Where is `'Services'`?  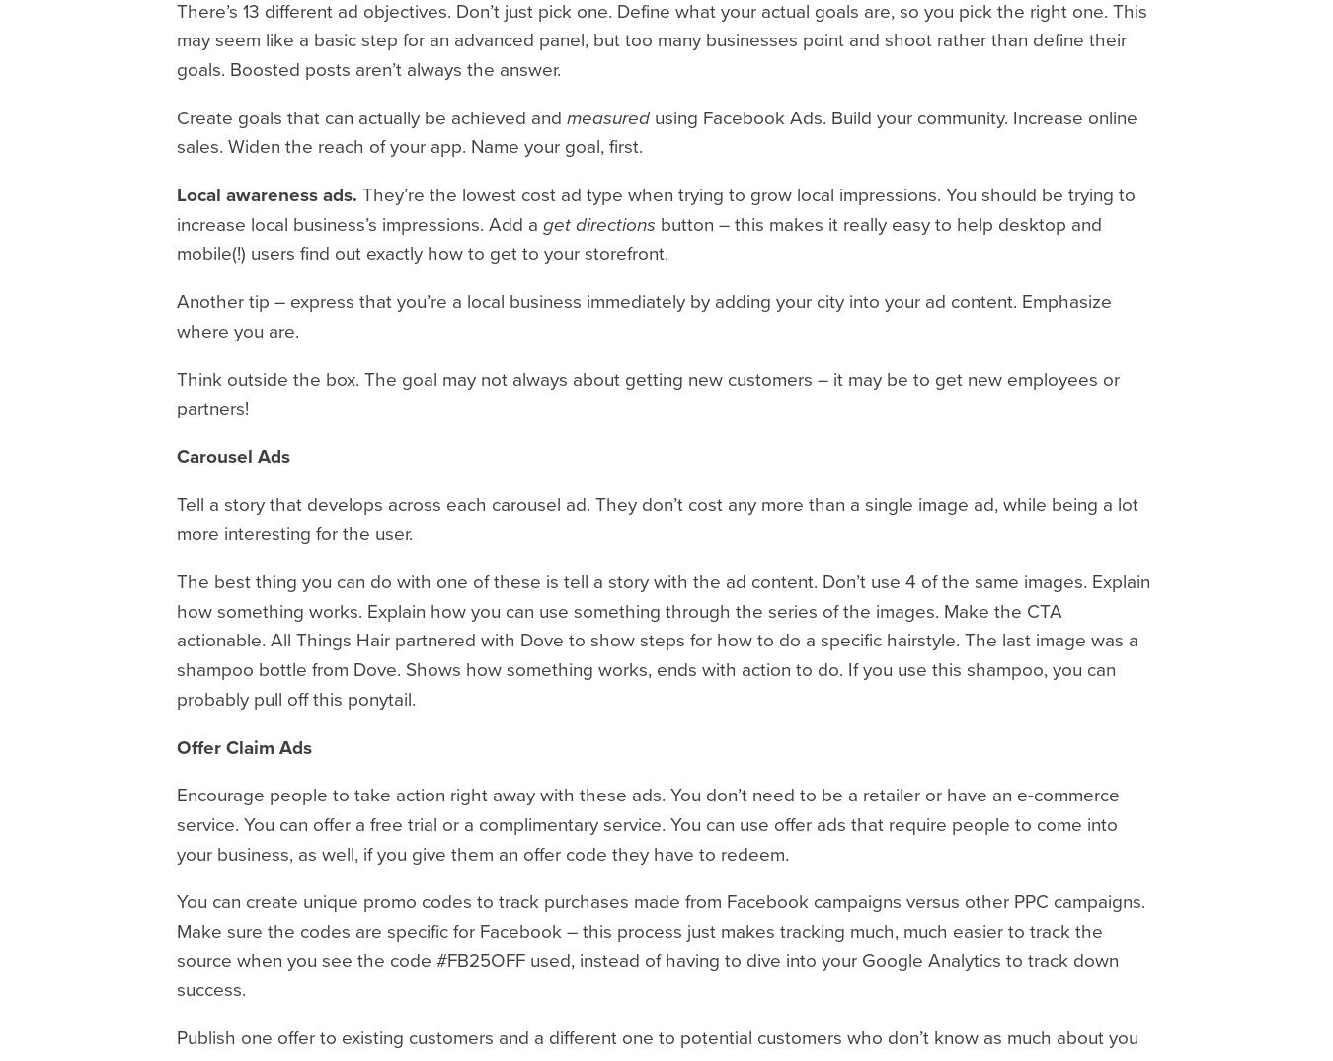 'Services' is located at coordinates (892, 884).